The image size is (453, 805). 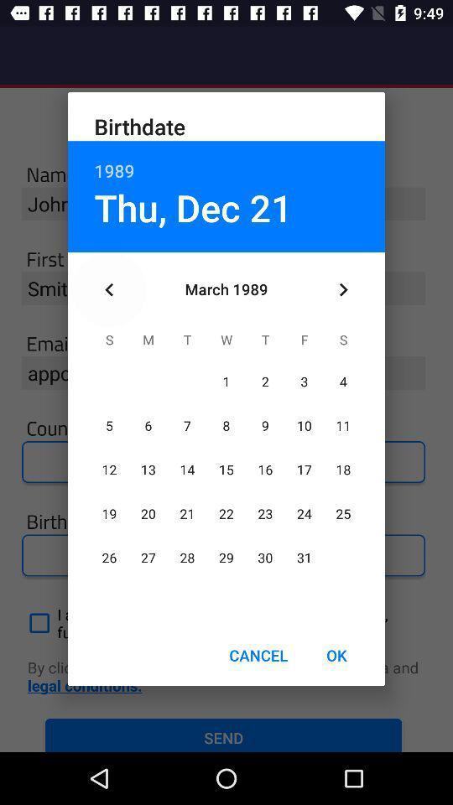 What do you see at coordinates (342, 289) in the screenshot?
I see `the icon on the right` at bounding box center [342, 289].